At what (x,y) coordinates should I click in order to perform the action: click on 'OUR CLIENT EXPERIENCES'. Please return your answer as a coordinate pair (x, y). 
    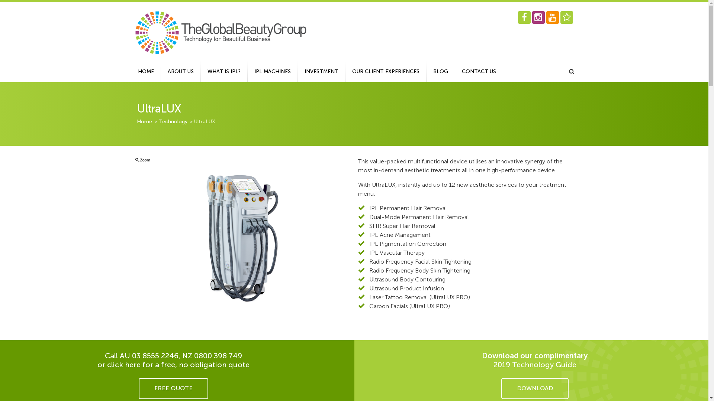
    Looking at the image, I should click on (385, 71).